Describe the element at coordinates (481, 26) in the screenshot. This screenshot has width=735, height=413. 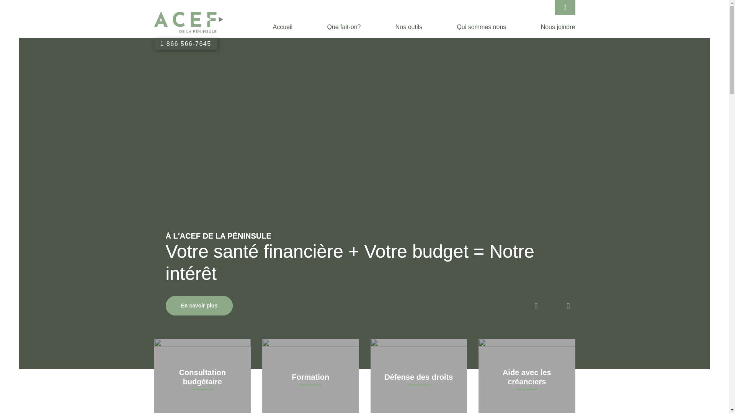
I see `'Qui sommes nous'` at that location.